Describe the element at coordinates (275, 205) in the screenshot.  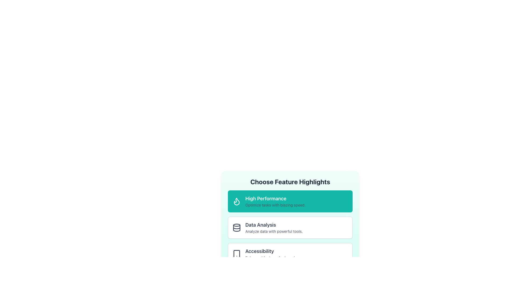
I see `descriptive text label providing additional detail about the 'High Performance' feature, which is located directly below the heading 'High Performance' in the teal-colored section` at that location.